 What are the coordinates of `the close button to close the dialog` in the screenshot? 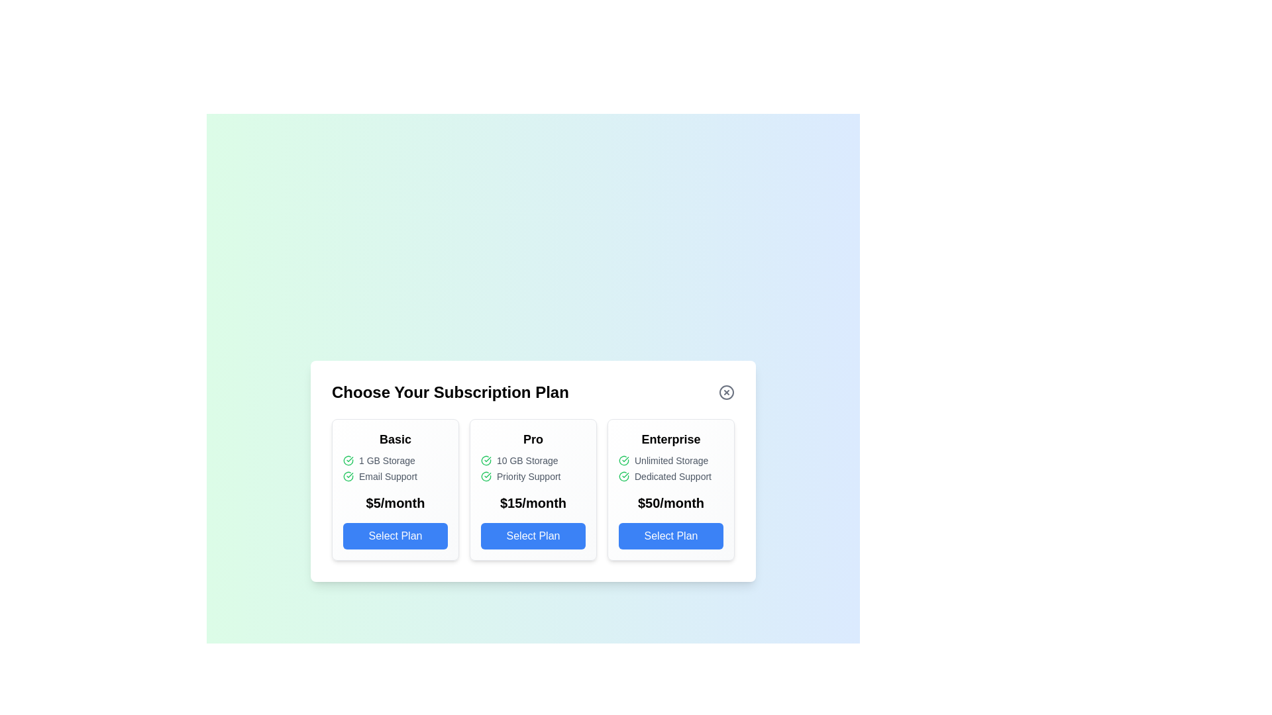 It's located at (726, 392).